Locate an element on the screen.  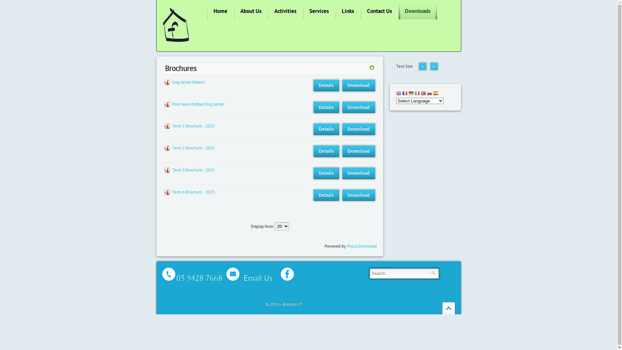
'Term 3 Brochure - 2023' is located at coordinates (171, 169).